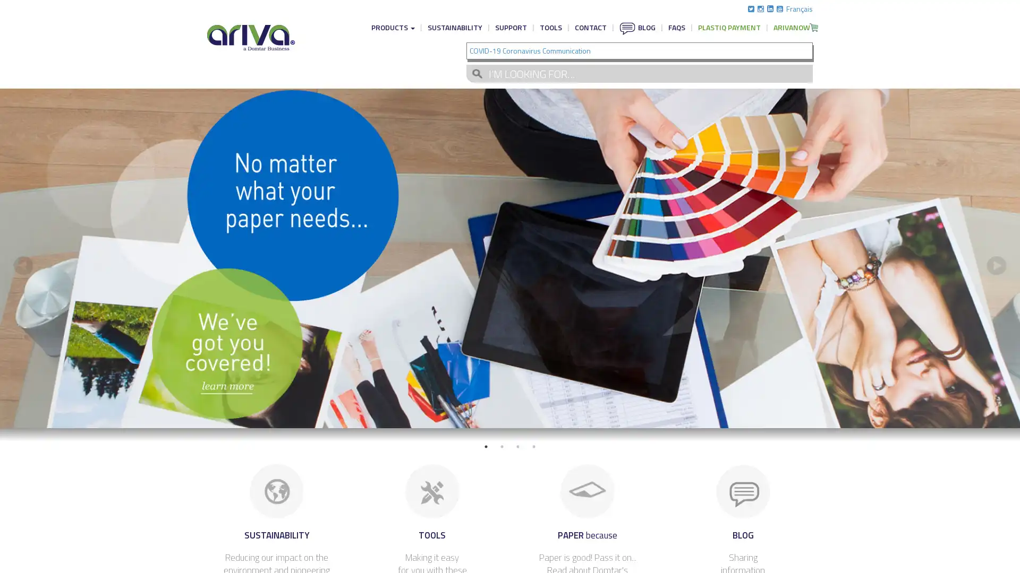  What do you see at coordinates (533, 446) in the screenshot?
I see `4` at bounding box center [533, 446].